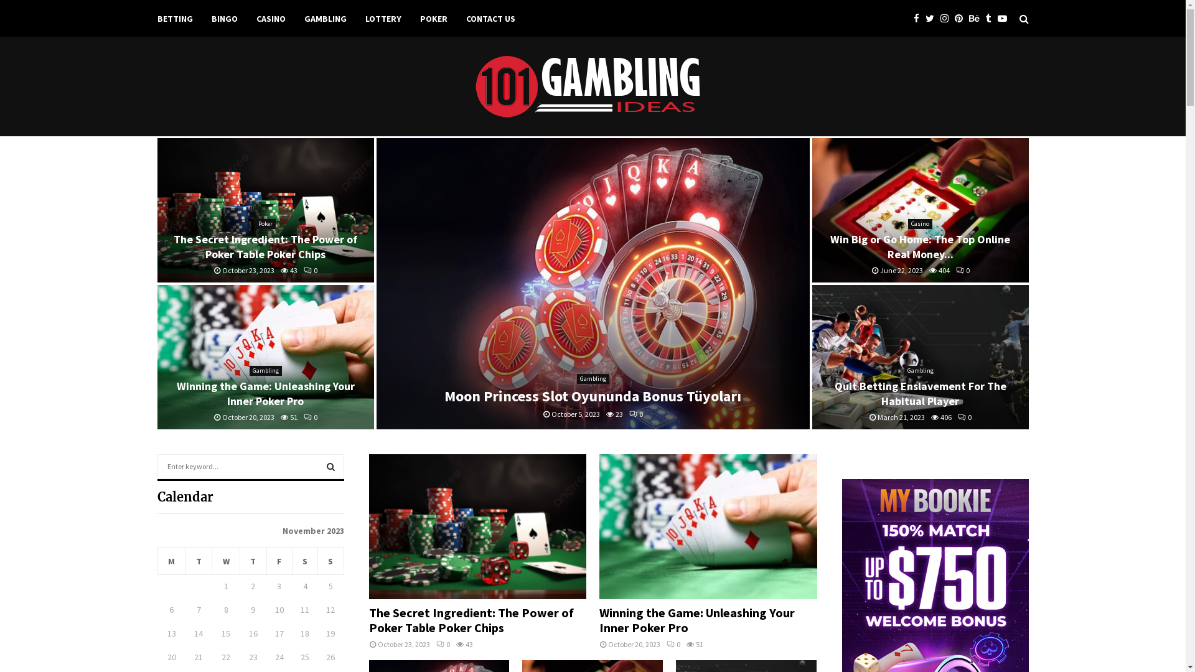  What do you see at coordinates (224, 19) in the screenshot?
I see `'BINGO'` at bounding box center [224, 19].